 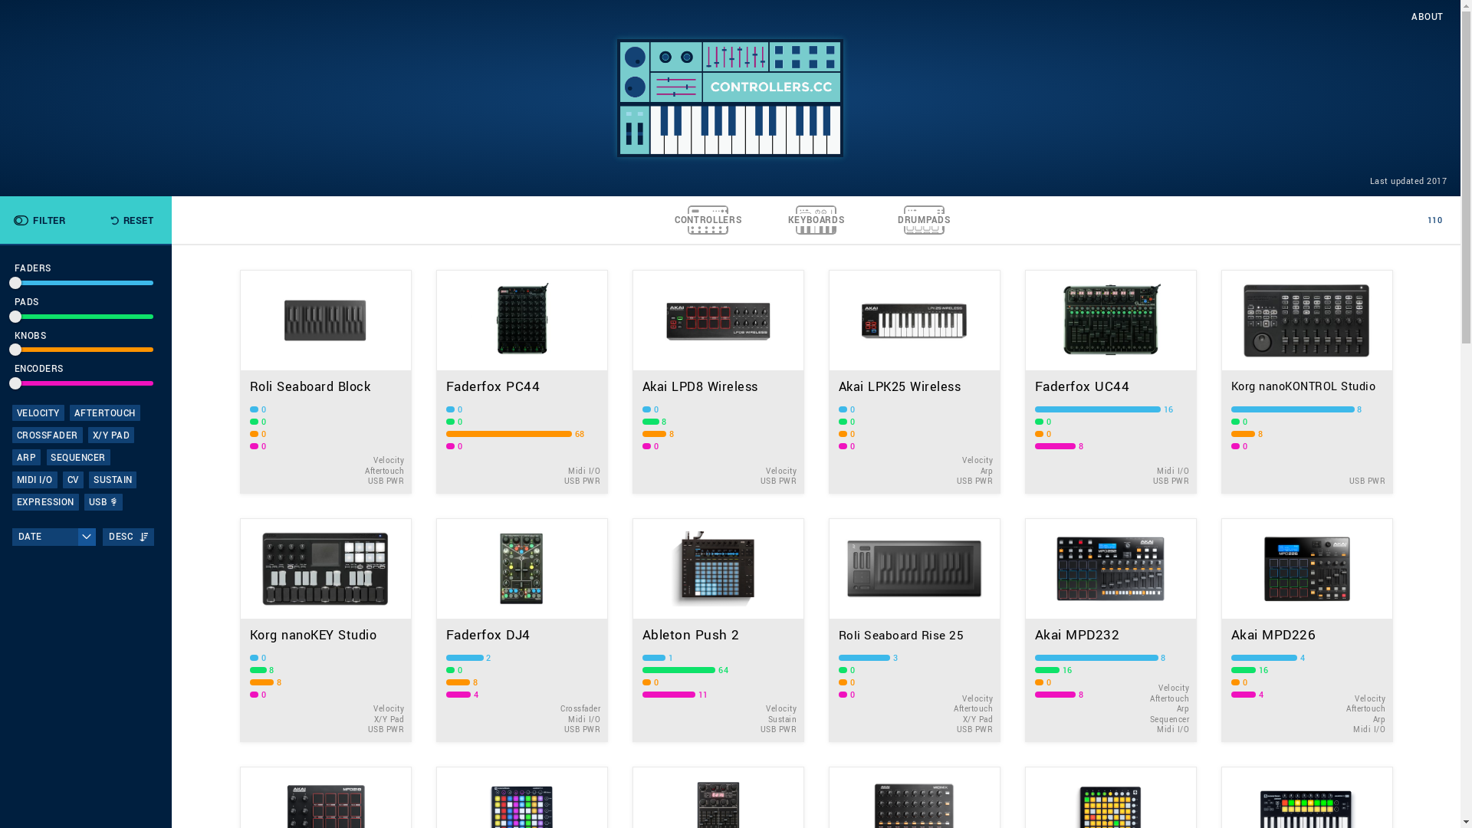 I want to click on 'EXPRESSION', so click(x=45, y=501).